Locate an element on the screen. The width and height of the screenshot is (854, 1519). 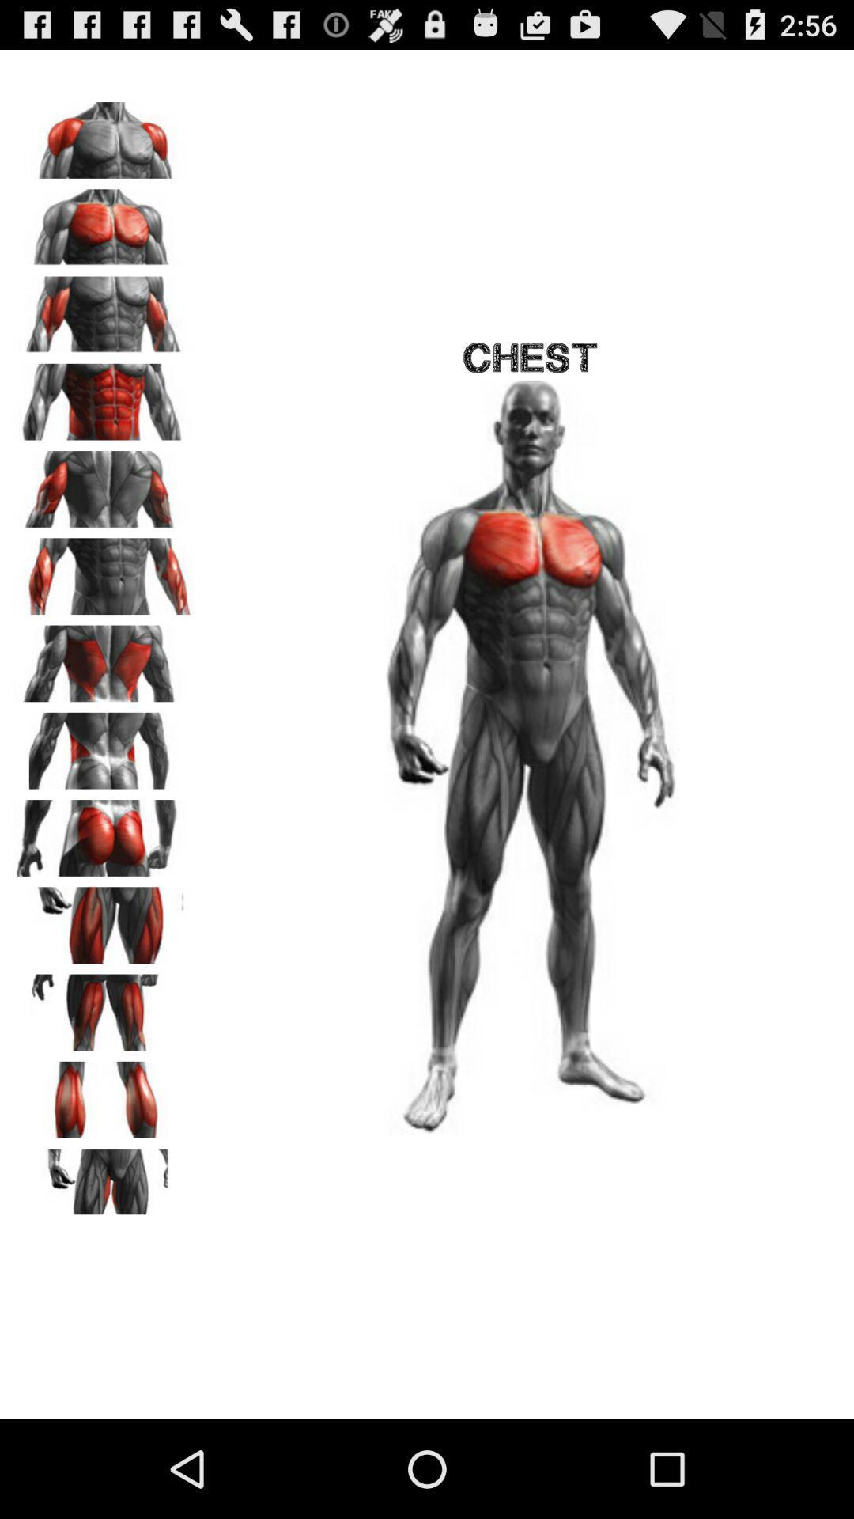
click on this muscle a page opens is located at coordinates (104, 658).